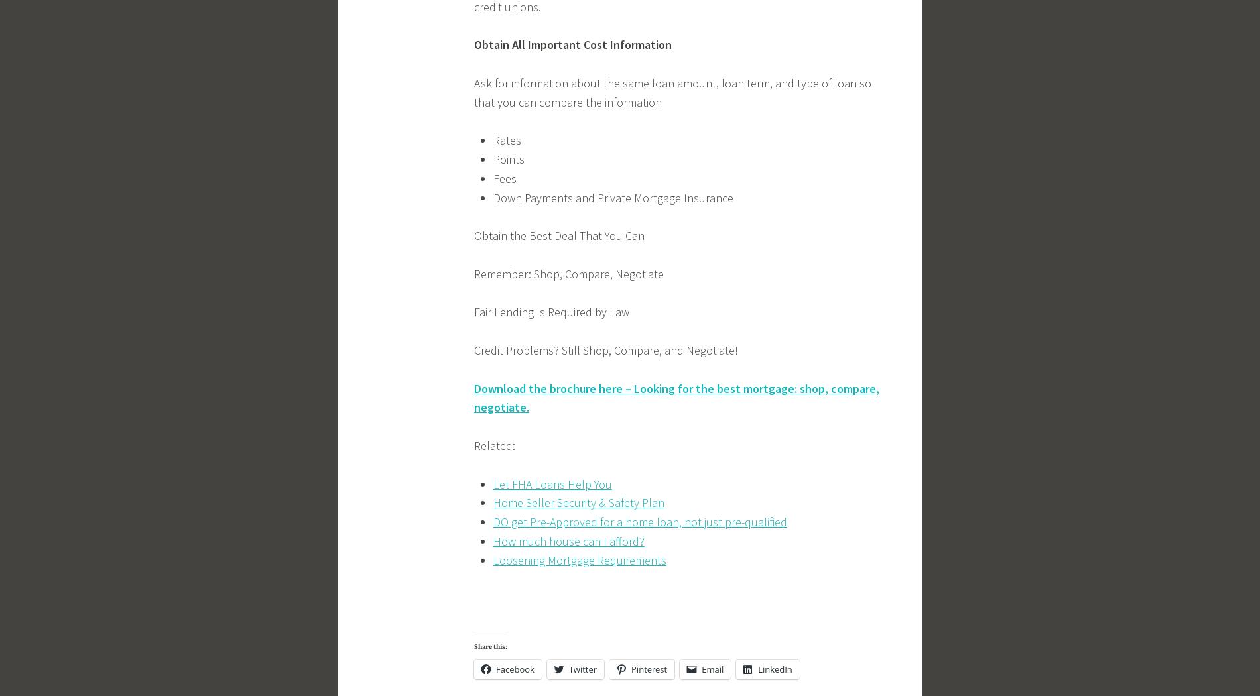 This screenshot has height=696, width=1260. Describe the element at coordinates (492, 177) in the screenshot. I see `'Fees'` at that location.